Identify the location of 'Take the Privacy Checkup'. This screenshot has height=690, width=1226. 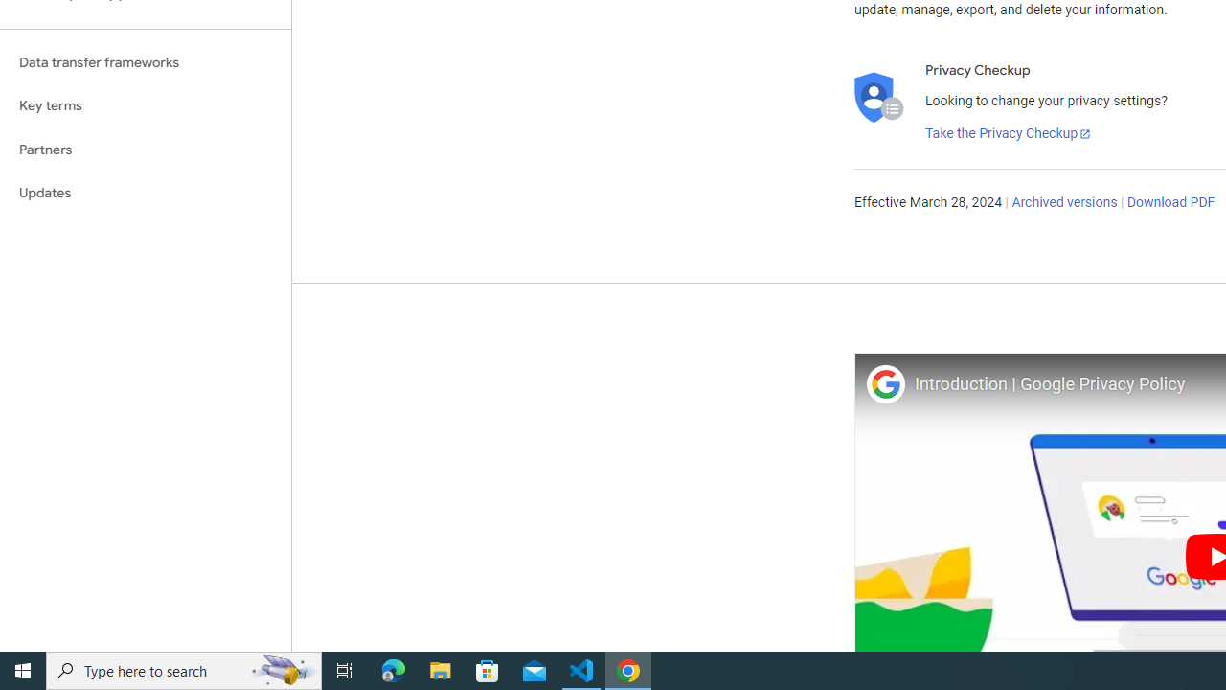
(1008, 133).